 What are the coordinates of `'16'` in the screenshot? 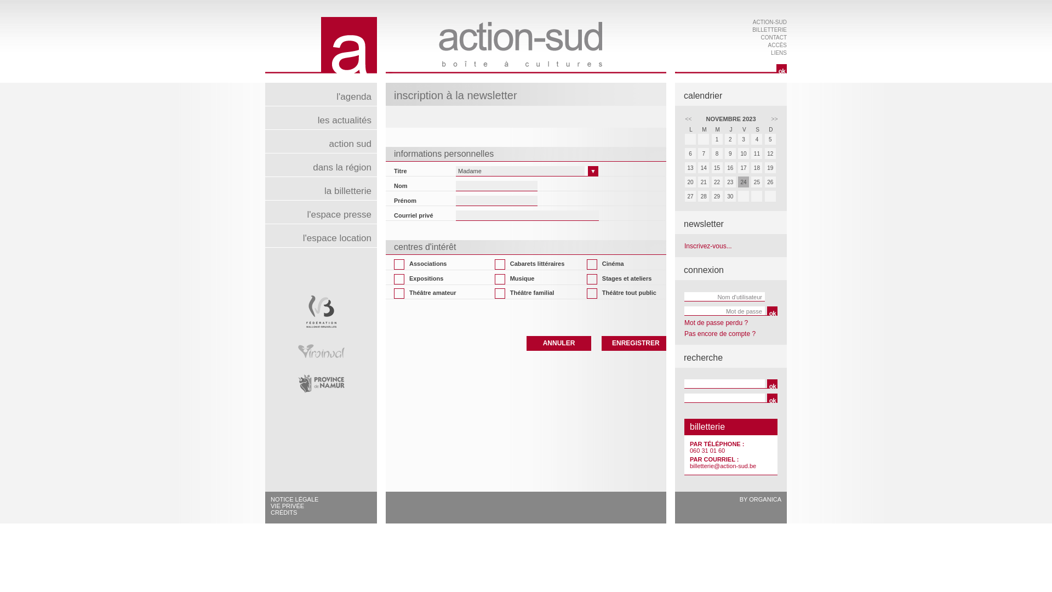 It's located at (730, 167).